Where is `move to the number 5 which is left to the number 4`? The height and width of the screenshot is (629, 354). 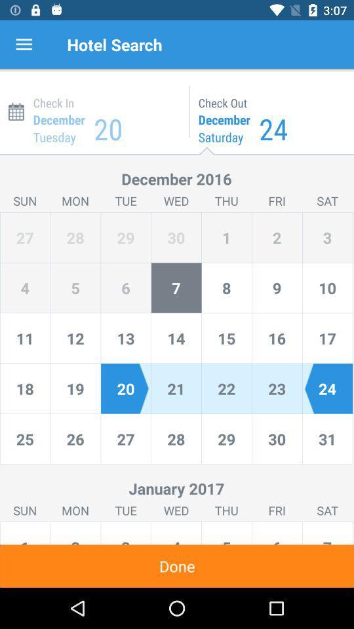
move to the number 5 which is left to the number 4 is located at coordinates (75, 288).